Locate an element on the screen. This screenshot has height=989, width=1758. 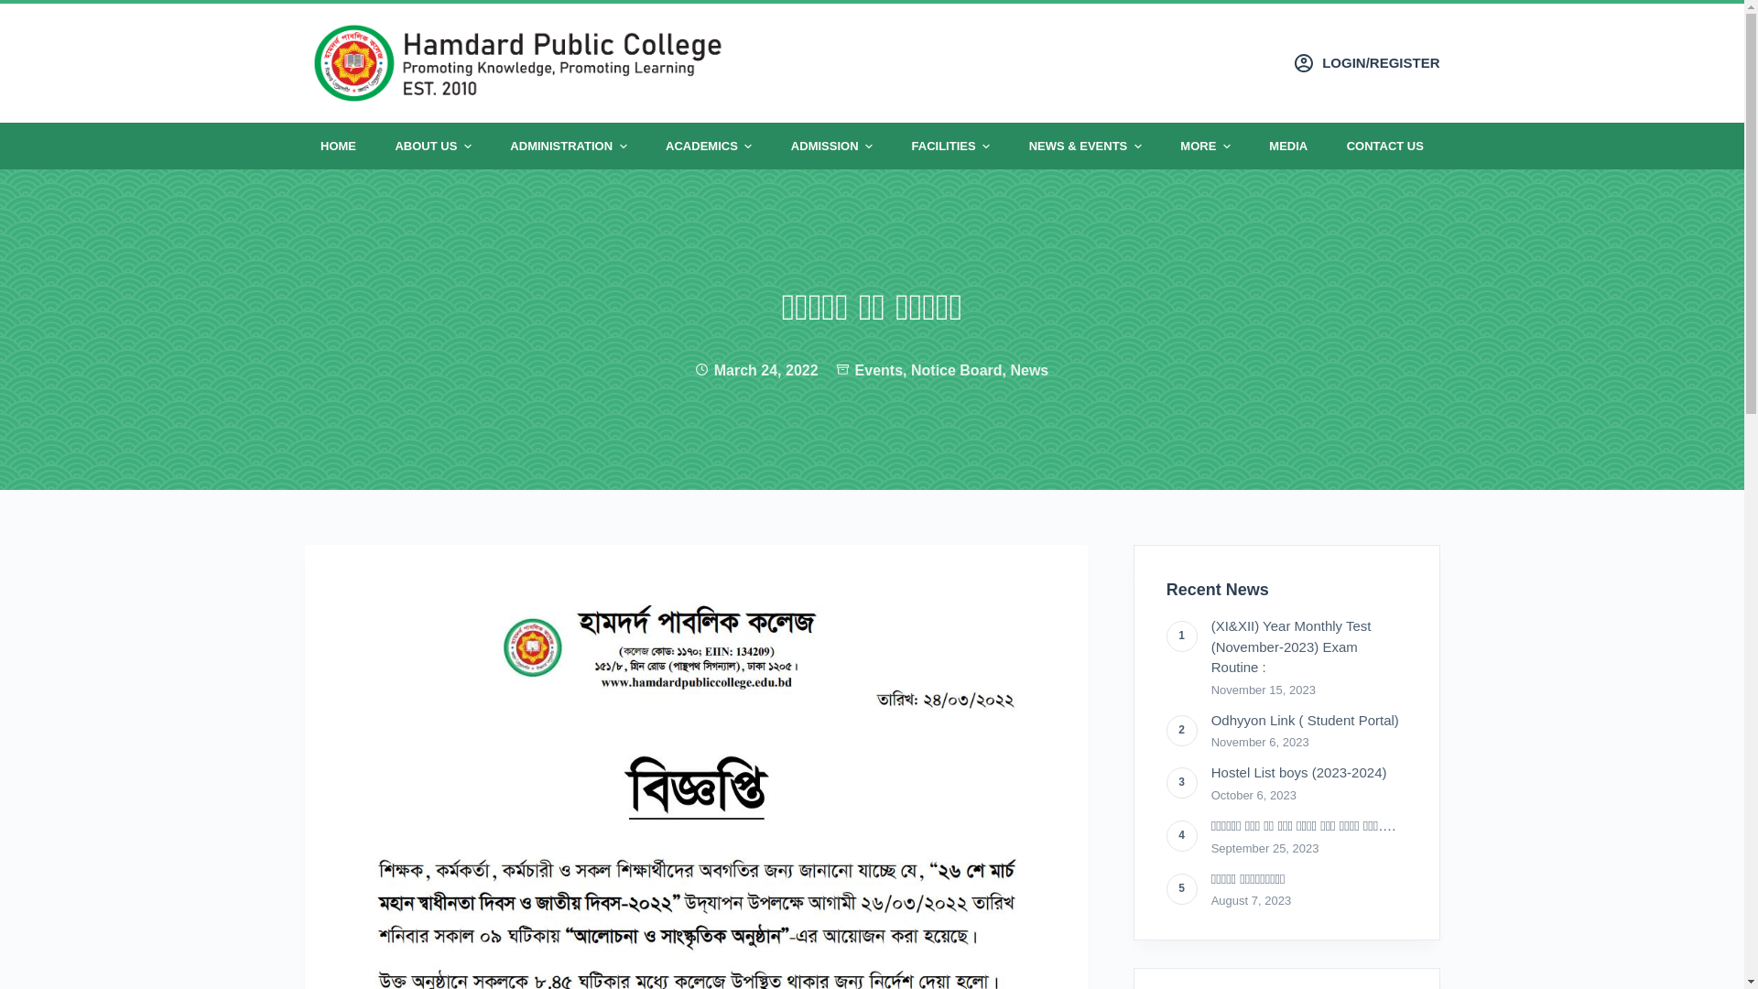
'ADMINISTRATION' is located at coordinates (567, 145).